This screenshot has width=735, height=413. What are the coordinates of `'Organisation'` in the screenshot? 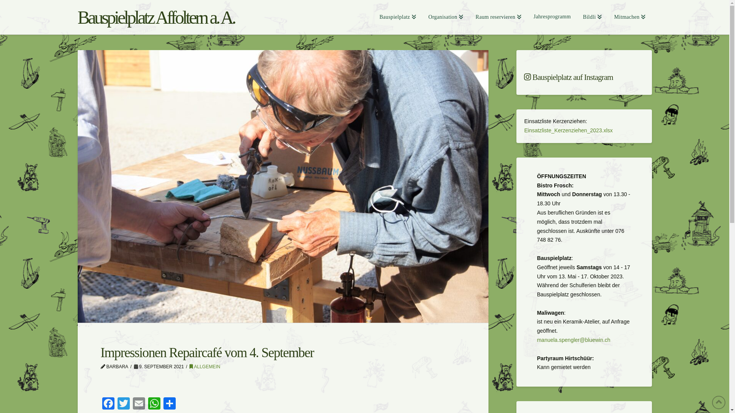 It's located at (446, 17).